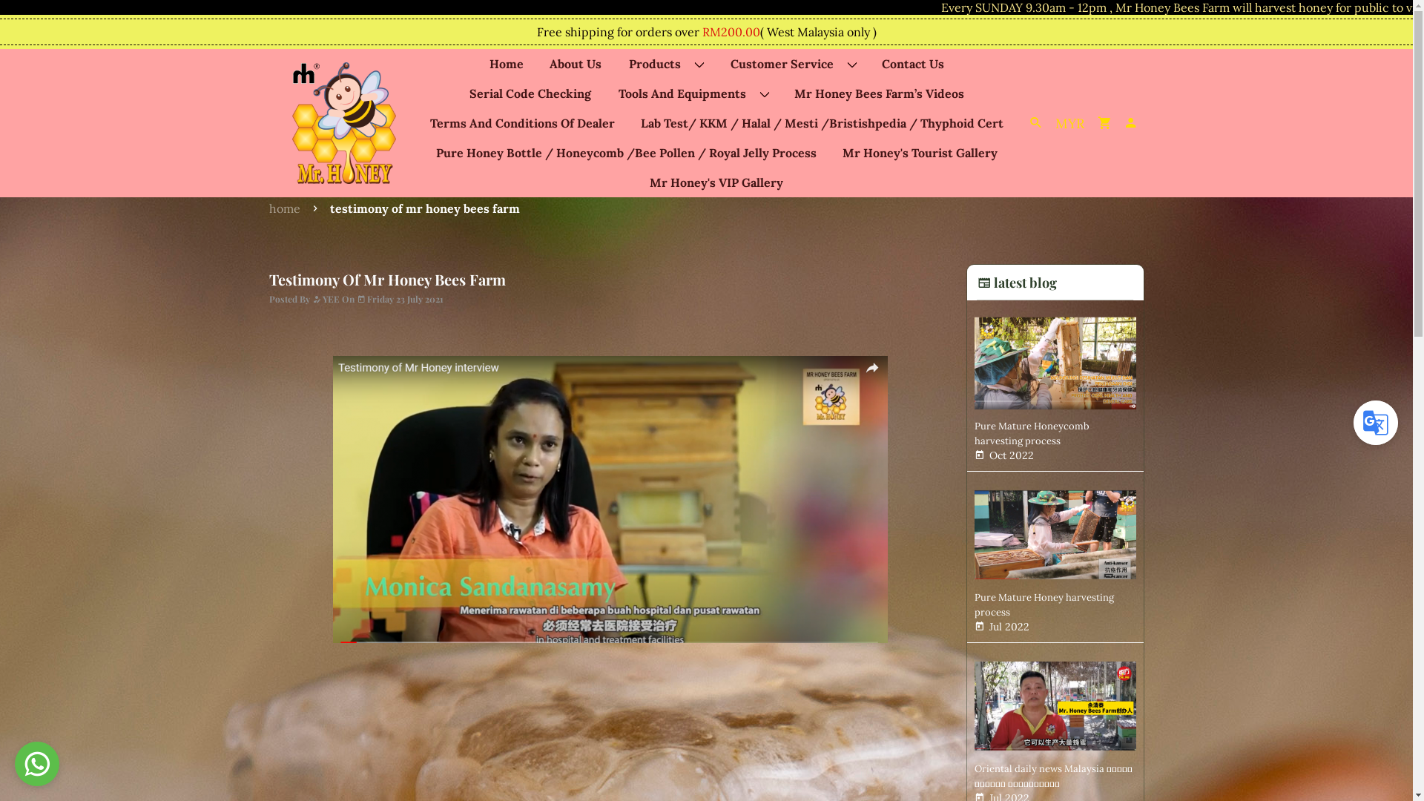 The image size is (1424, 801). Describe the element at coordinates (575, 62) in the screenshot. I see `'About Us'` at that location.